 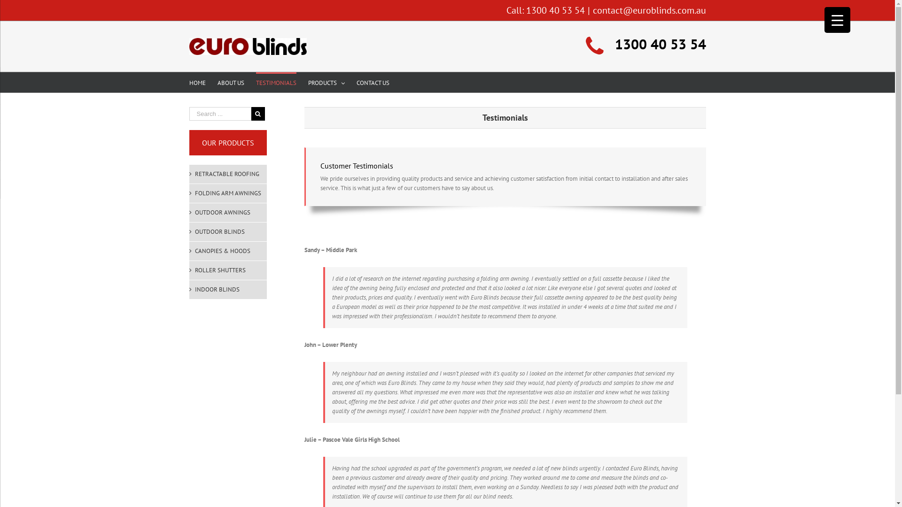 I want to click on 'RETRACTABLE ROOFING', so click(x=228, y=174).